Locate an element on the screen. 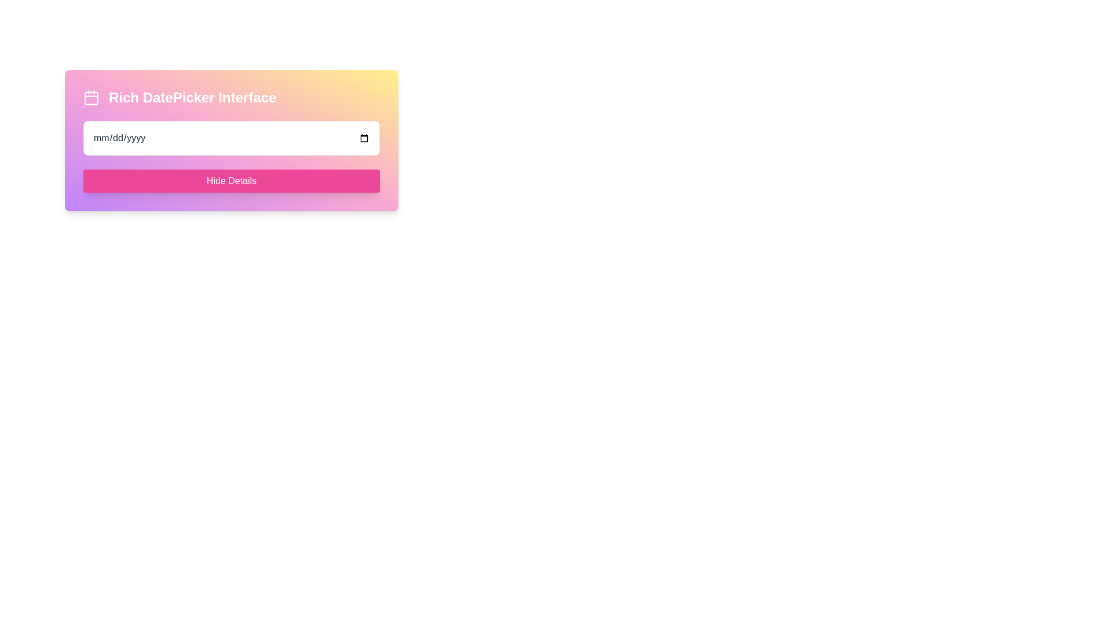  the pink button labeled 'Hide Details' which is located below the text input field with the placeholder 'mm/dd/yyyy' is located at coordinates (231, 181).